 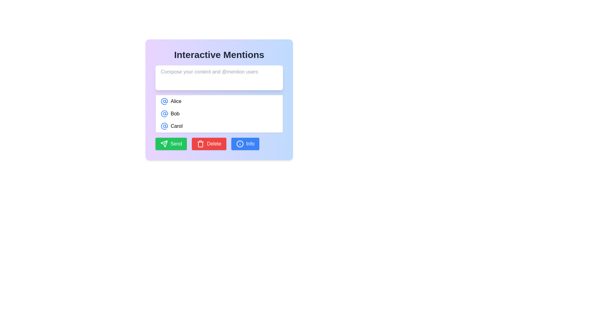 What do you see at coordinates (201, 144) in the screenshot?
I see `the trash can icon, which is white on a red background, located as the leftmost component within the 'Delete' button below the text composition area` at bounding box center [201, 144].